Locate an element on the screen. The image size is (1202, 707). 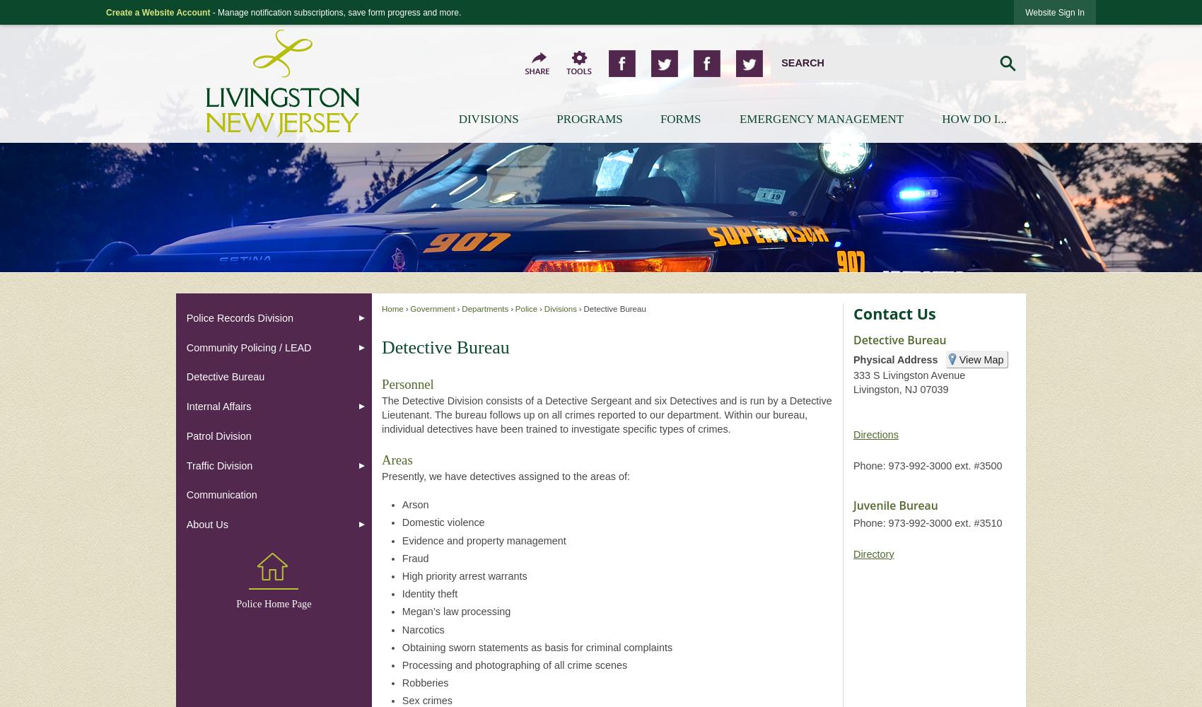
'Arson' is located at coordinates (400, 504).